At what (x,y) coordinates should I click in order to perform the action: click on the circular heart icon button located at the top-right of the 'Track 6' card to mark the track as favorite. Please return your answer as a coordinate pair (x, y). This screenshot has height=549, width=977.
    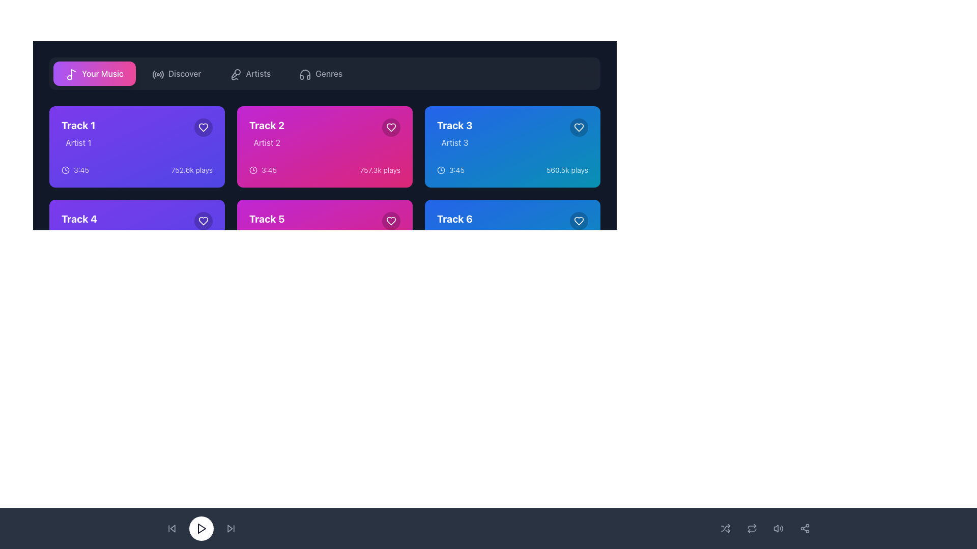
    Looking at the image, I should click on (579, 221).